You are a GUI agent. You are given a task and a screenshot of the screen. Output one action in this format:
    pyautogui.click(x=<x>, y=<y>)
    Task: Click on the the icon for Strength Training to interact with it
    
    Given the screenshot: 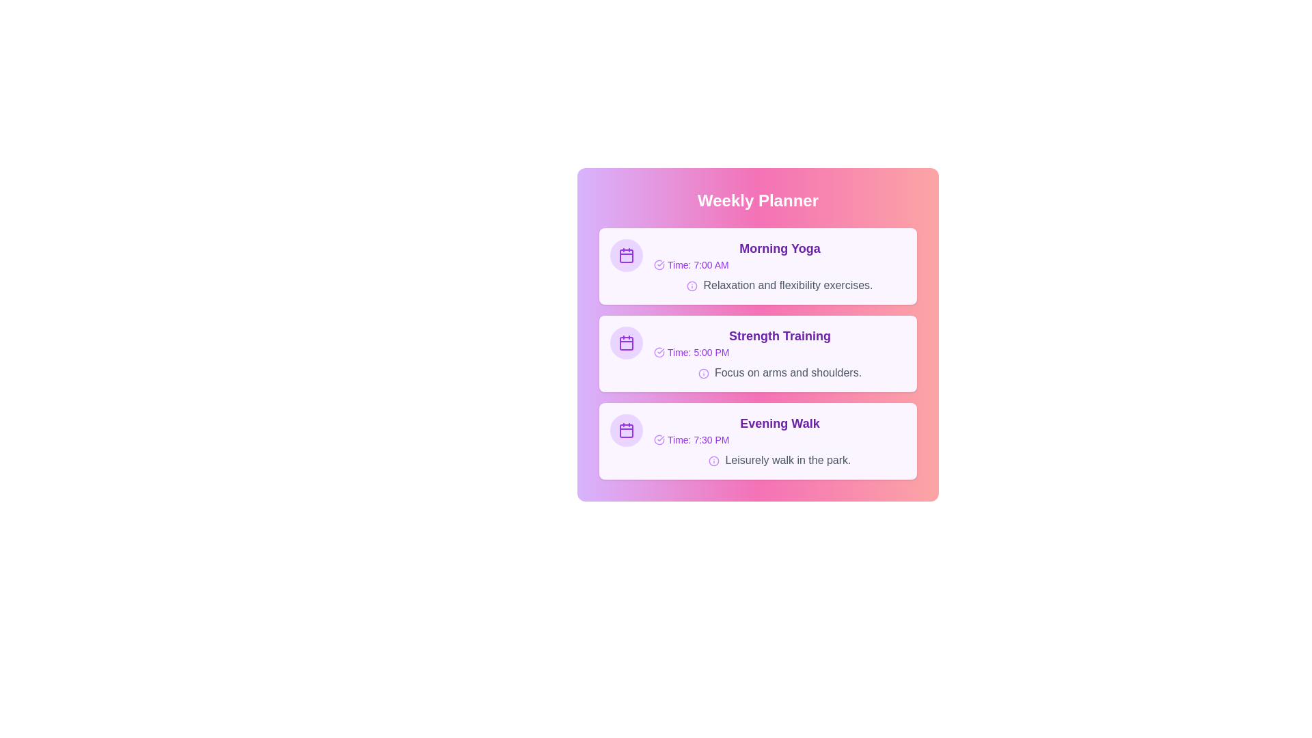 What is the action you would take?
    pyautogui.click(x=625, y=342)
    